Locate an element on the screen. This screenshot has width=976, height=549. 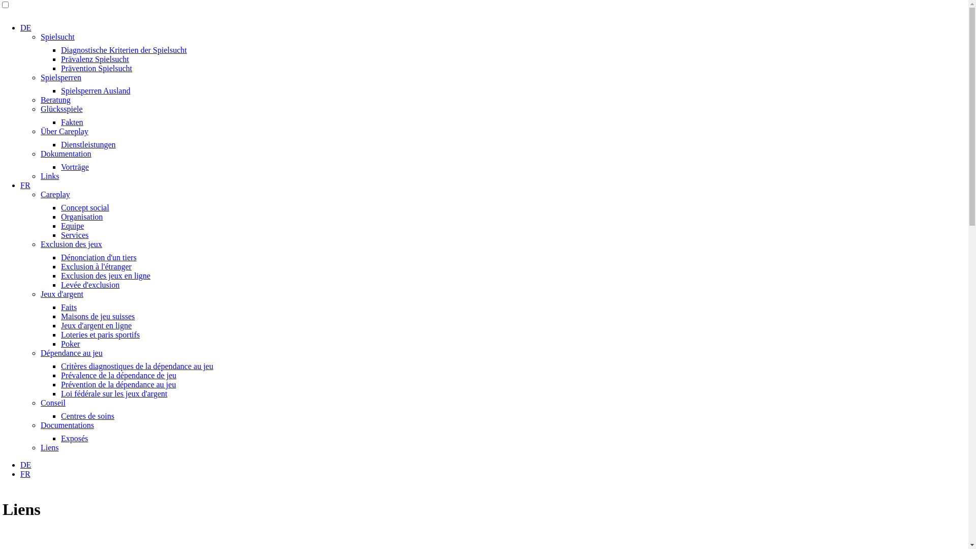
'Concept social' is located at coordinates (85, 207).